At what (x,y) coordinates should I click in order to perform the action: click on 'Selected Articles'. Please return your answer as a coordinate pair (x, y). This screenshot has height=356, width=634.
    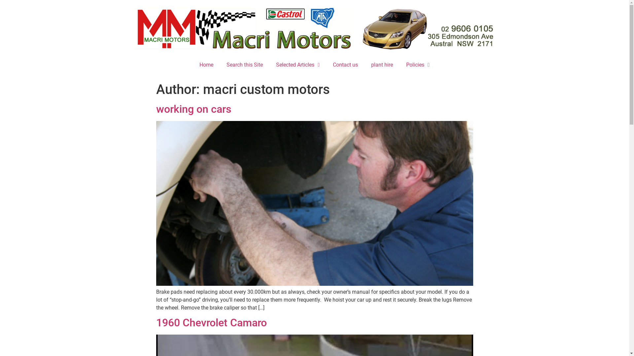
    Looking at the image, I should click on (269, 65).